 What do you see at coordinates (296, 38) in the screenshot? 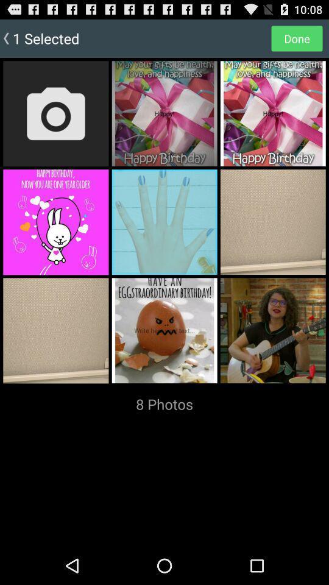
I see `done item` at bounding box center [296, 38].